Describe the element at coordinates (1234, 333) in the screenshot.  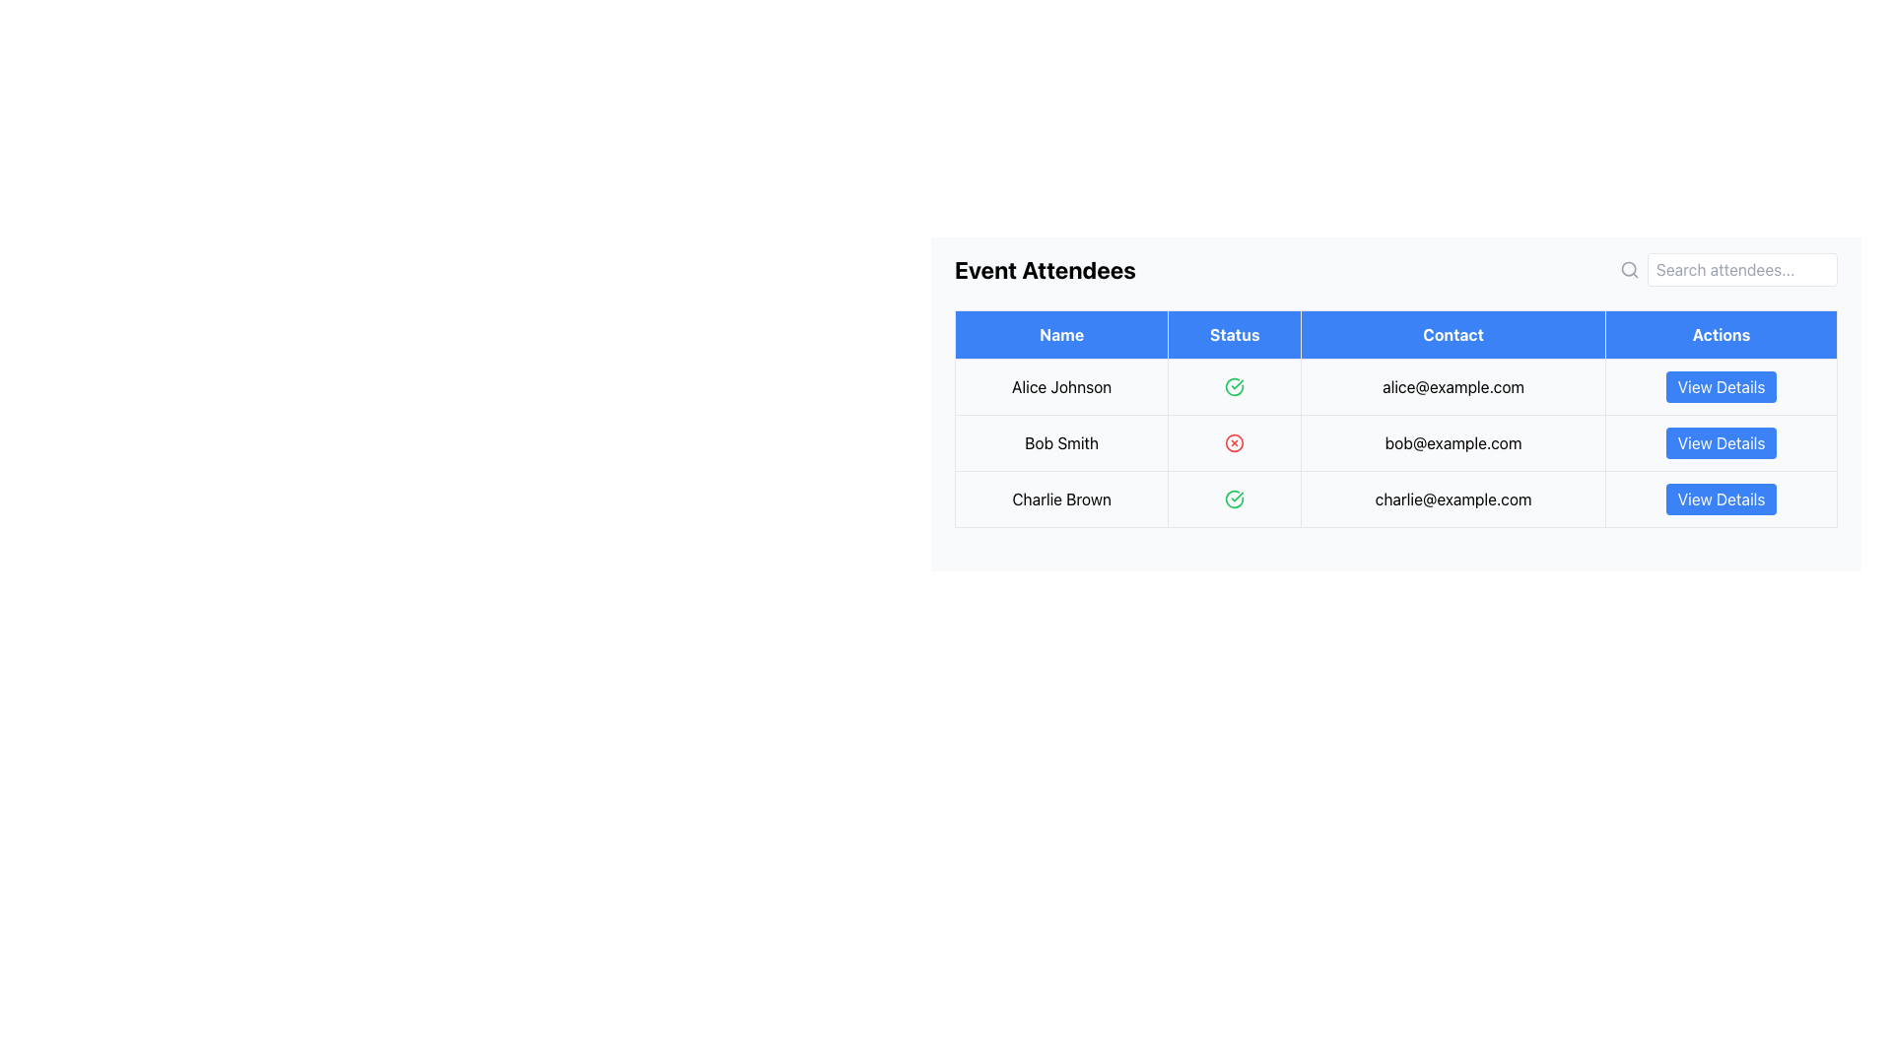
I see `the 'Status' column header cell, which is the second column header in the table, positioned between 'Name' and 'Contact' headers` at that location.